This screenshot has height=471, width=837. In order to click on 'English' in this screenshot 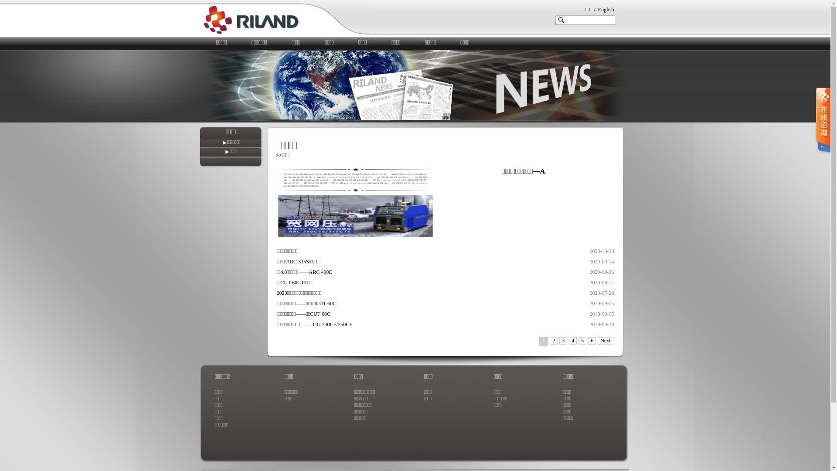, I will do `click(606, 10)`.